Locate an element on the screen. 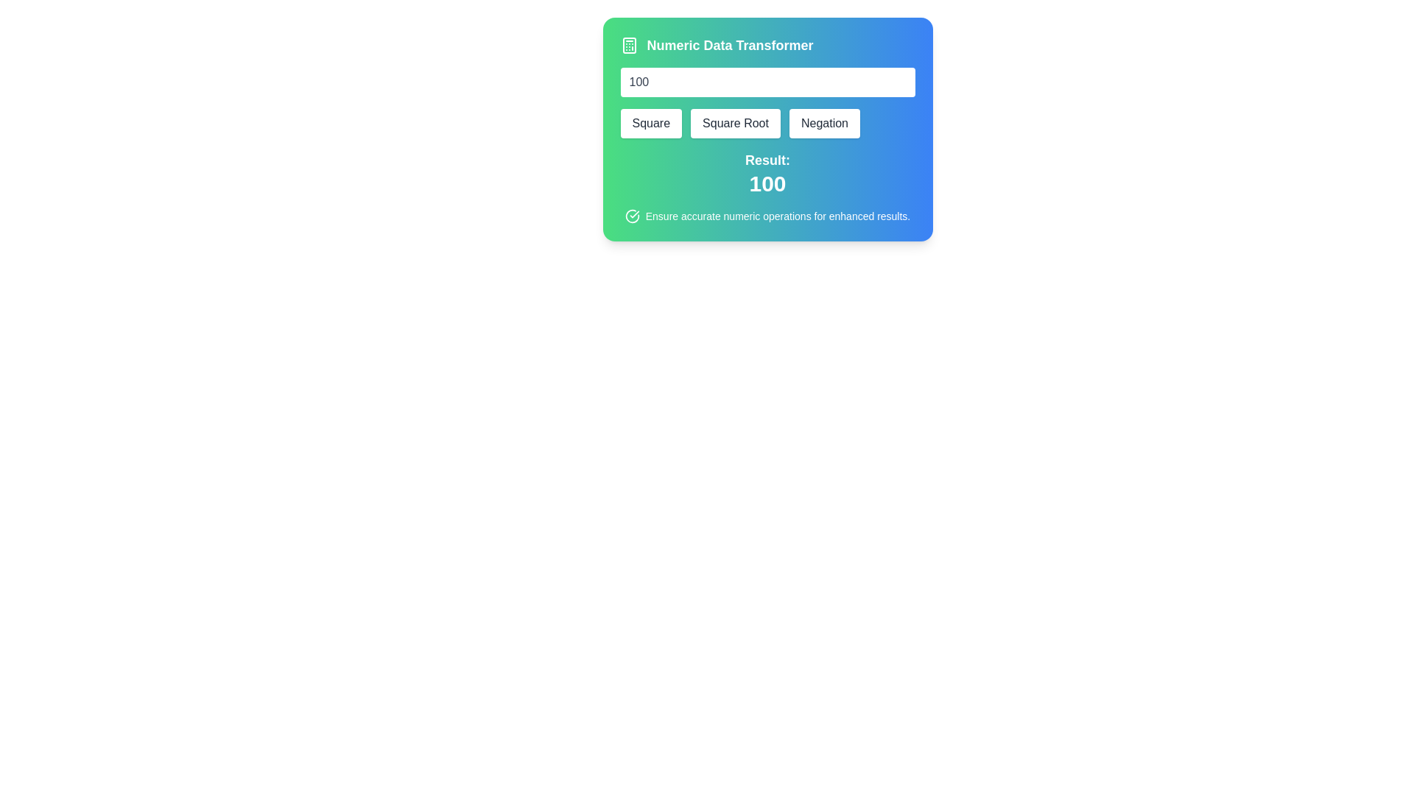  the static text display that shows the computed numeric result, positioned below the 'Result:' label in the 'Numeric Data Transformer' panel is located at coordinates (767, 183).